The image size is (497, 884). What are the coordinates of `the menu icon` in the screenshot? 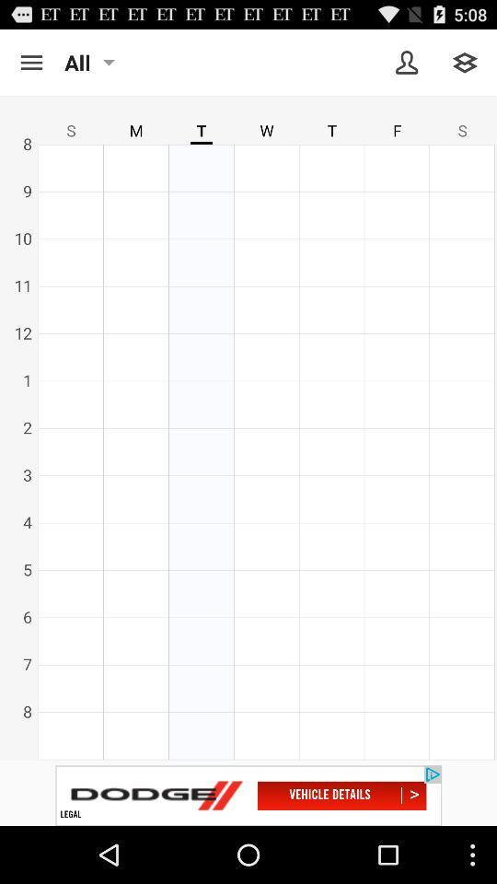 It's located at (30, 67).